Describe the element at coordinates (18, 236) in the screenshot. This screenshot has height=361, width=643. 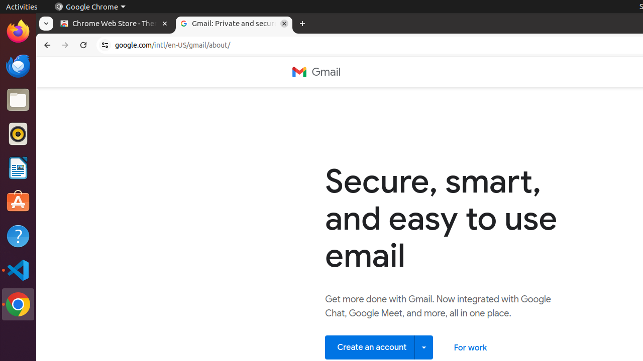
I see `'Help'` at that location.